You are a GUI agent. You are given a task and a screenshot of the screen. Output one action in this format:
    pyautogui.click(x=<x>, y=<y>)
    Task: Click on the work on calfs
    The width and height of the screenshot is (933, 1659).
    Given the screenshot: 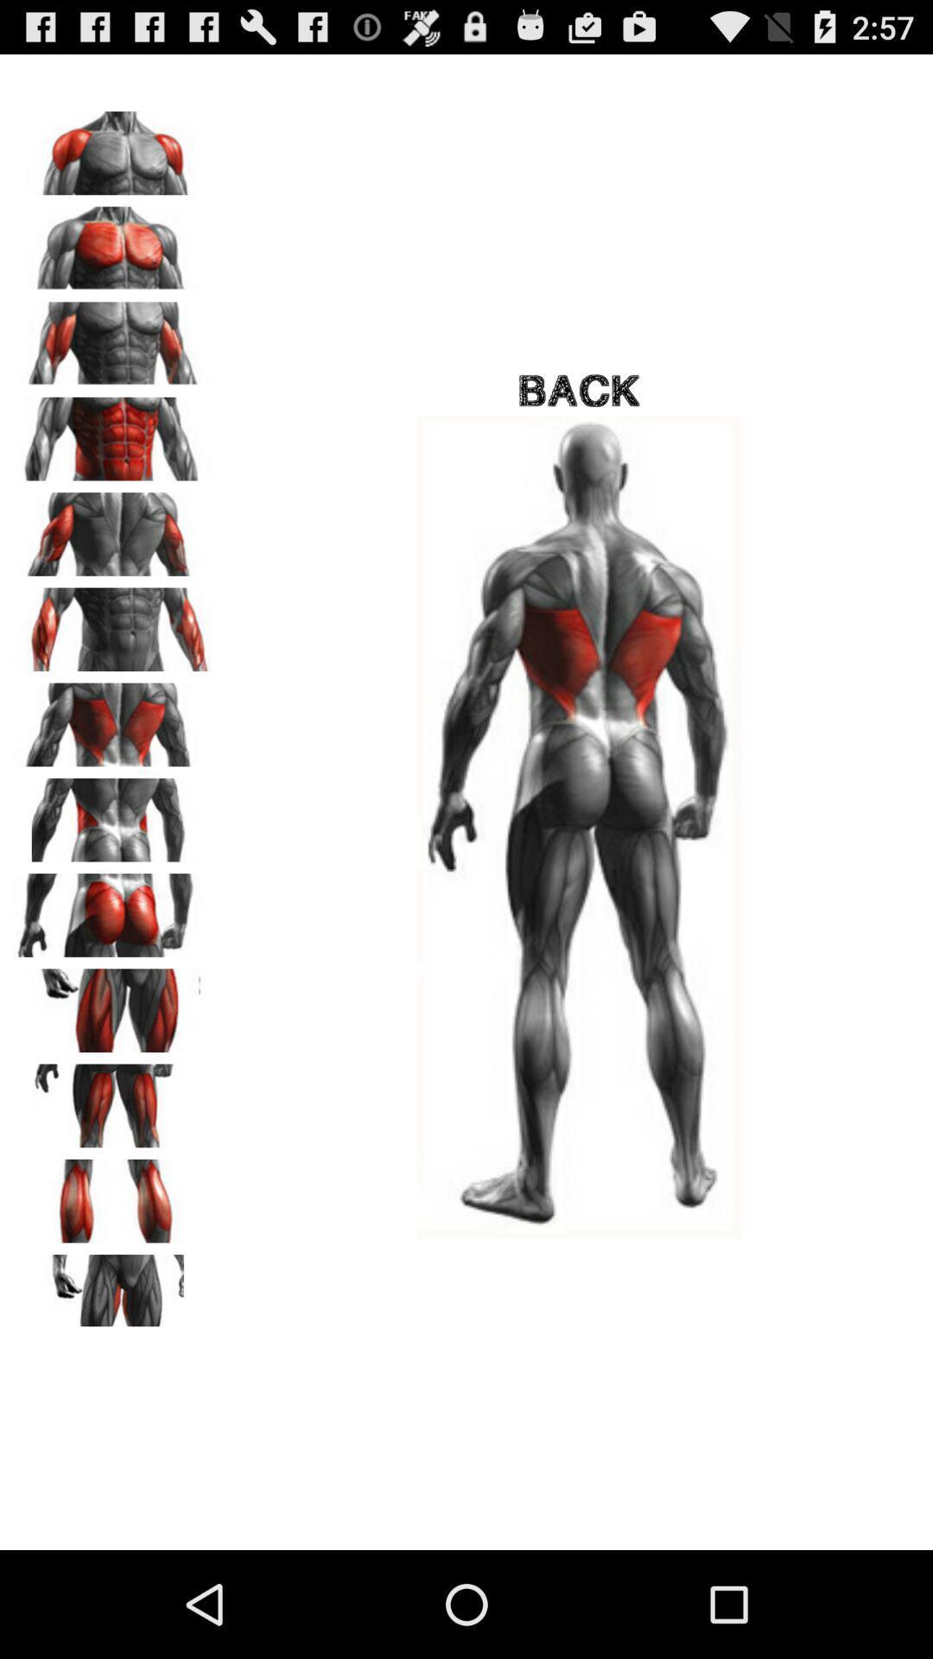 What is the action you would take?
    pyautogui.click(x=113, y=1194)
    